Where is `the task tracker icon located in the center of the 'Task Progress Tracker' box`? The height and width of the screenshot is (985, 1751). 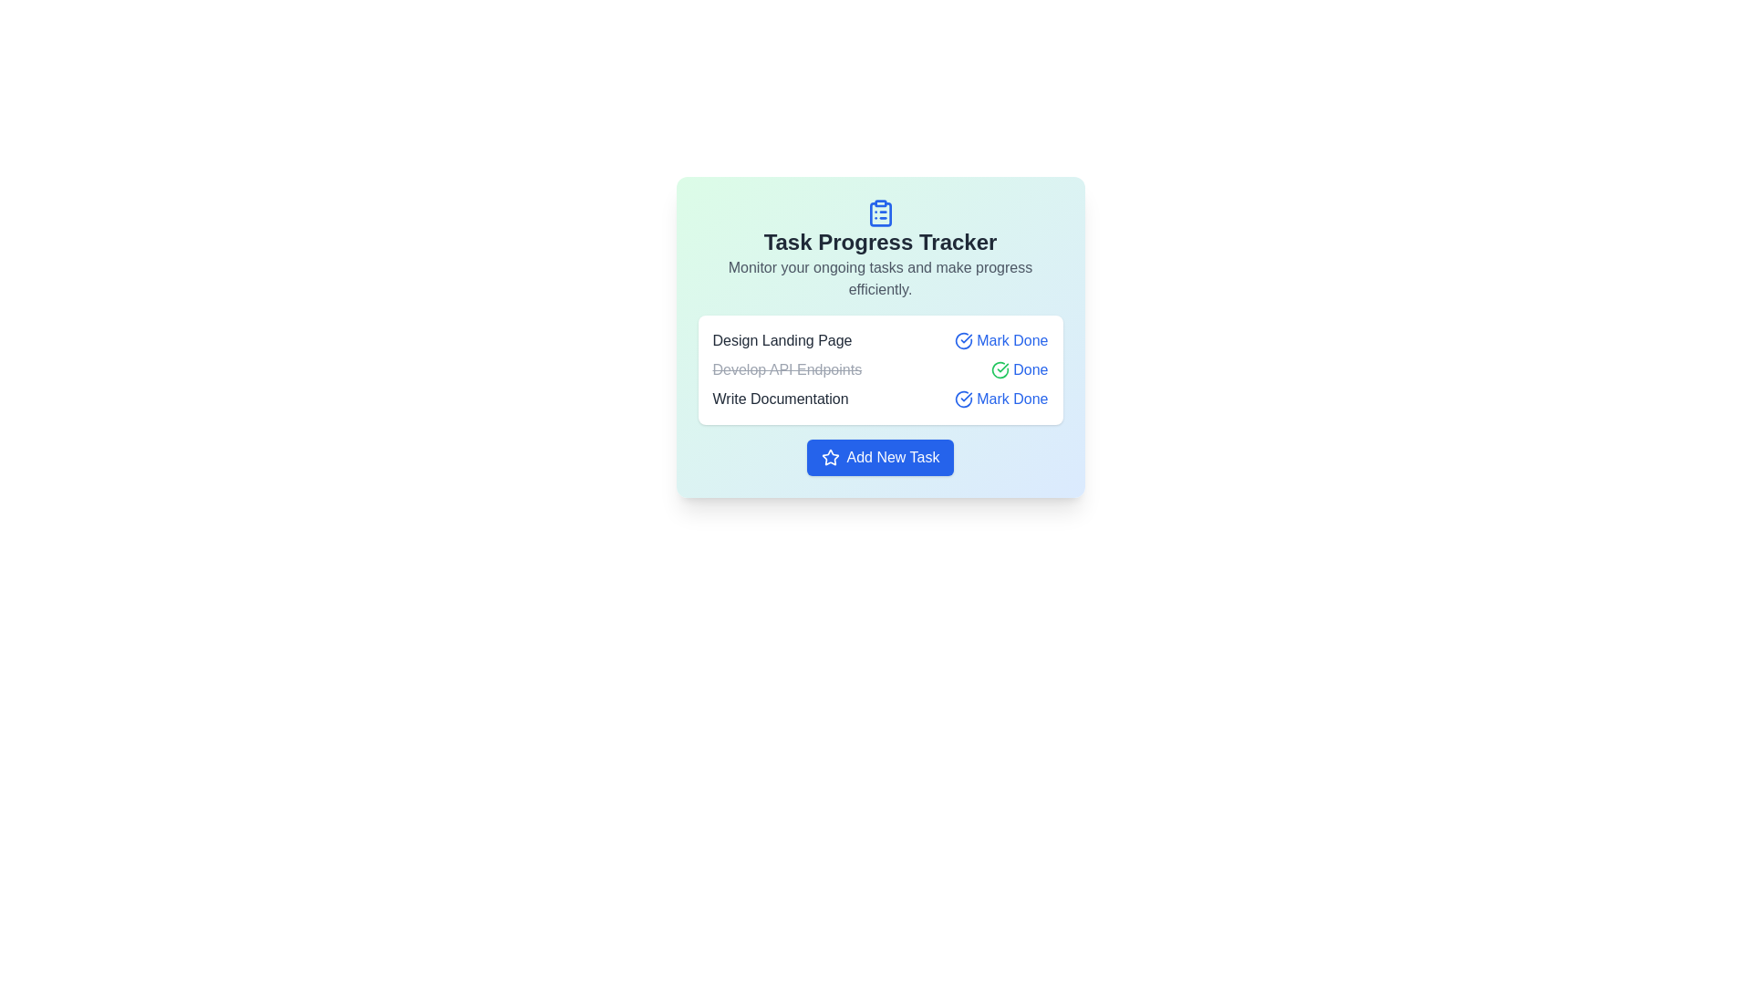 the task tracker icon located in the center of the 'Task Progress Tracker' box is located at coordinates (880, 213).